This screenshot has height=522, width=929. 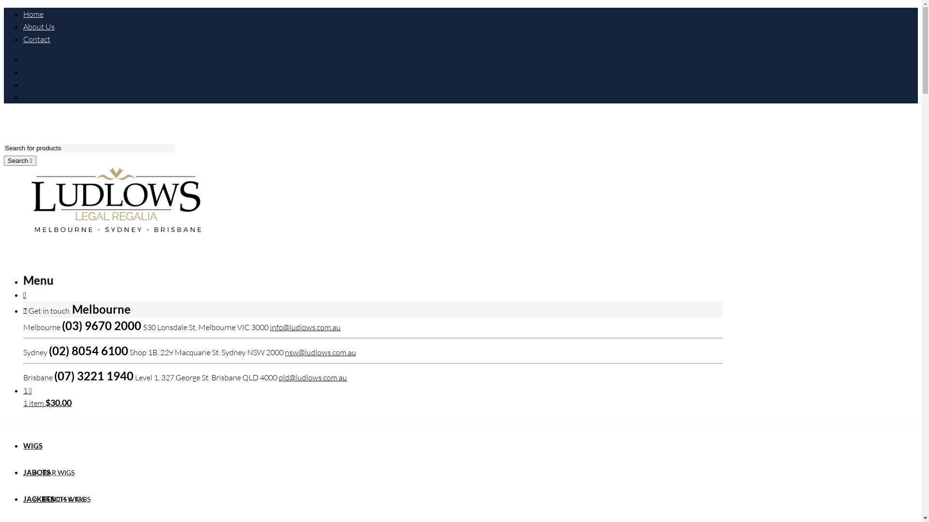 What do you see at coordinates (38, 281) in the screenshot?
I see `'Menu'` at bounding box center [38, 281].